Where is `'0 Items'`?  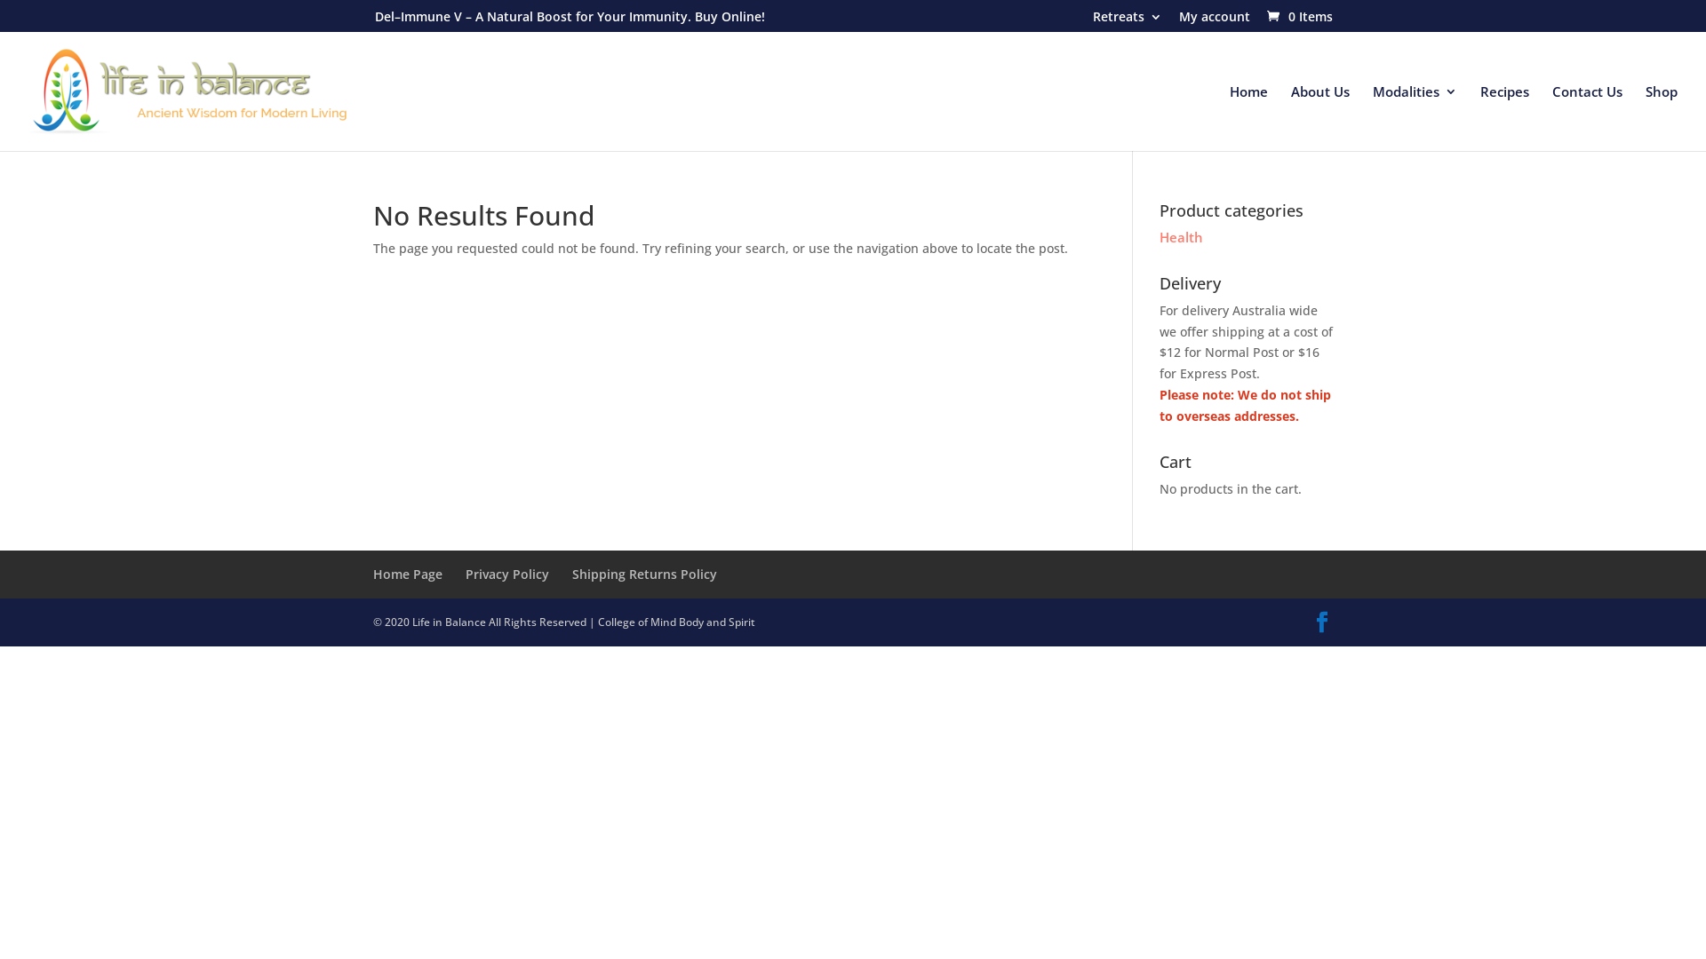
'0 Items' is located at coordinates (1262, 15).